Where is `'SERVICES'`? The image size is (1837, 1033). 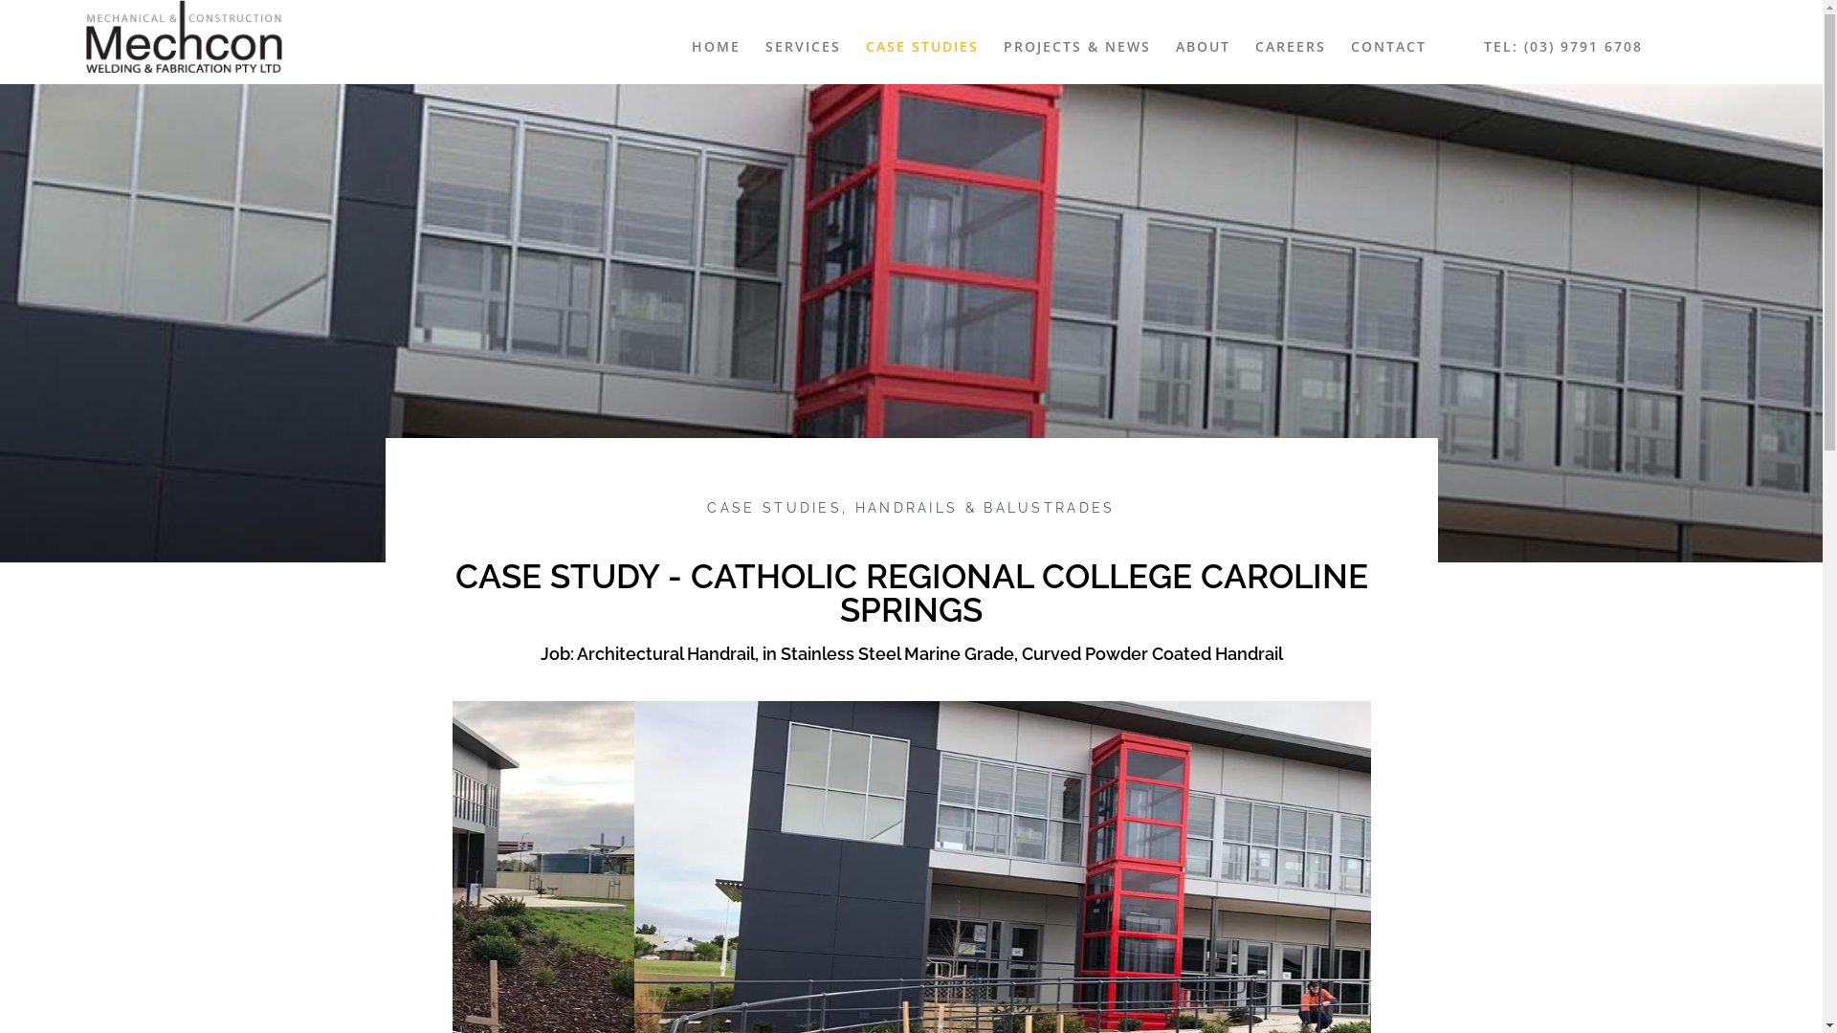 'SERVICES' is located at coordinates (755, 46).